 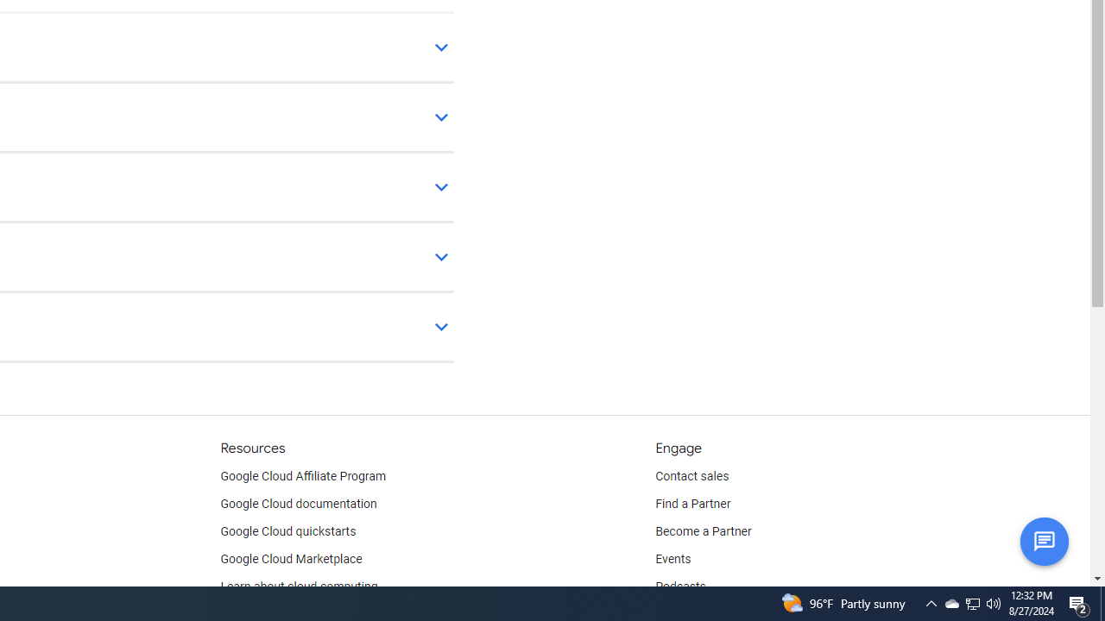 I want to click on 'Podcasts', so click(x=679, y=586).